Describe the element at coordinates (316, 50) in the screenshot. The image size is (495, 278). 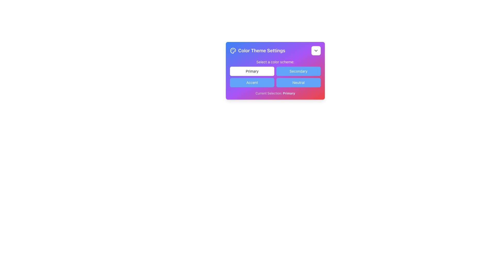
I see `the Chevron Down SVG Icon located in the top-right corner of the 'Color Theme Settings' modal` at that location.